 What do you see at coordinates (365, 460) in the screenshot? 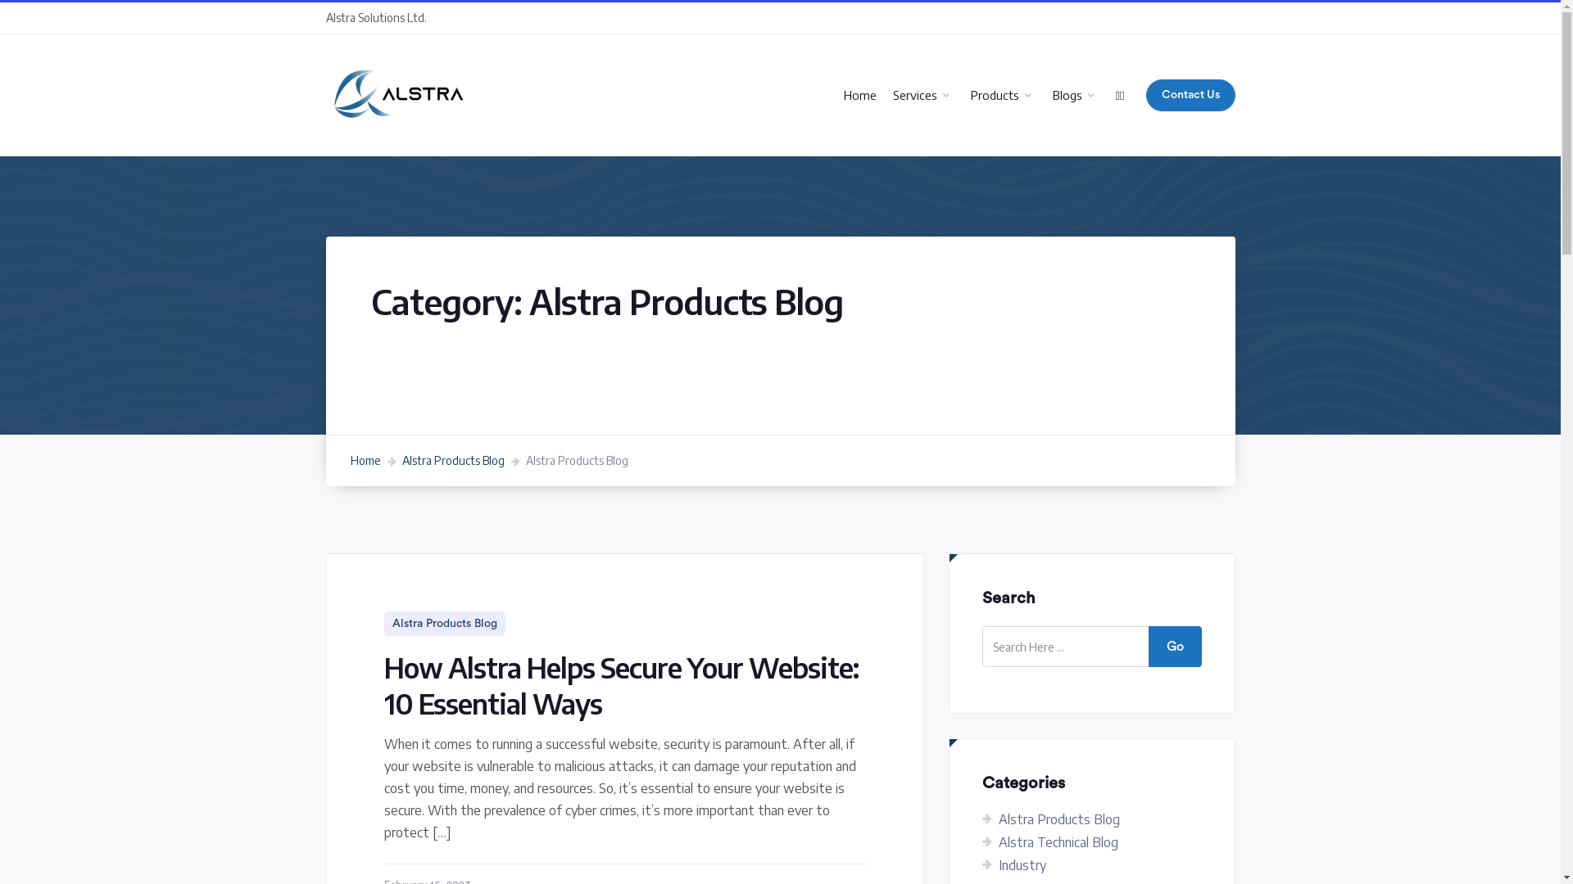
I see `'Home'` at bounding box center [365, 460].